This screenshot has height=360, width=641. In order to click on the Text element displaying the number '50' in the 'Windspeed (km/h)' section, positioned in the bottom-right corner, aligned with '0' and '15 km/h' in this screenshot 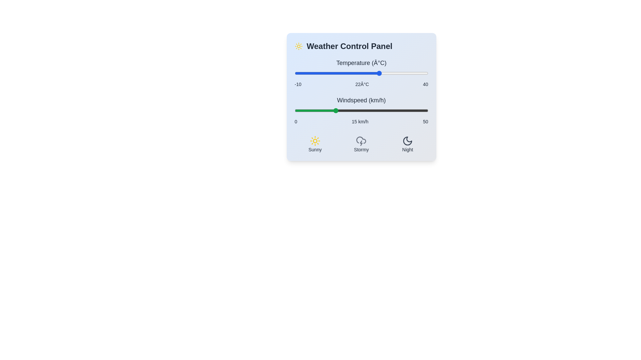, I will do `click(425, 122)`.